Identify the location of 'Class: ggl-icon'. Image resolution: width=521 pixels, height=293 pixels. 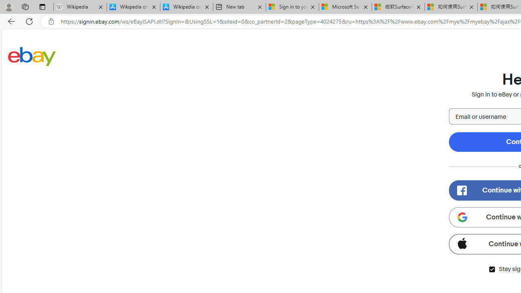
(462, 216).